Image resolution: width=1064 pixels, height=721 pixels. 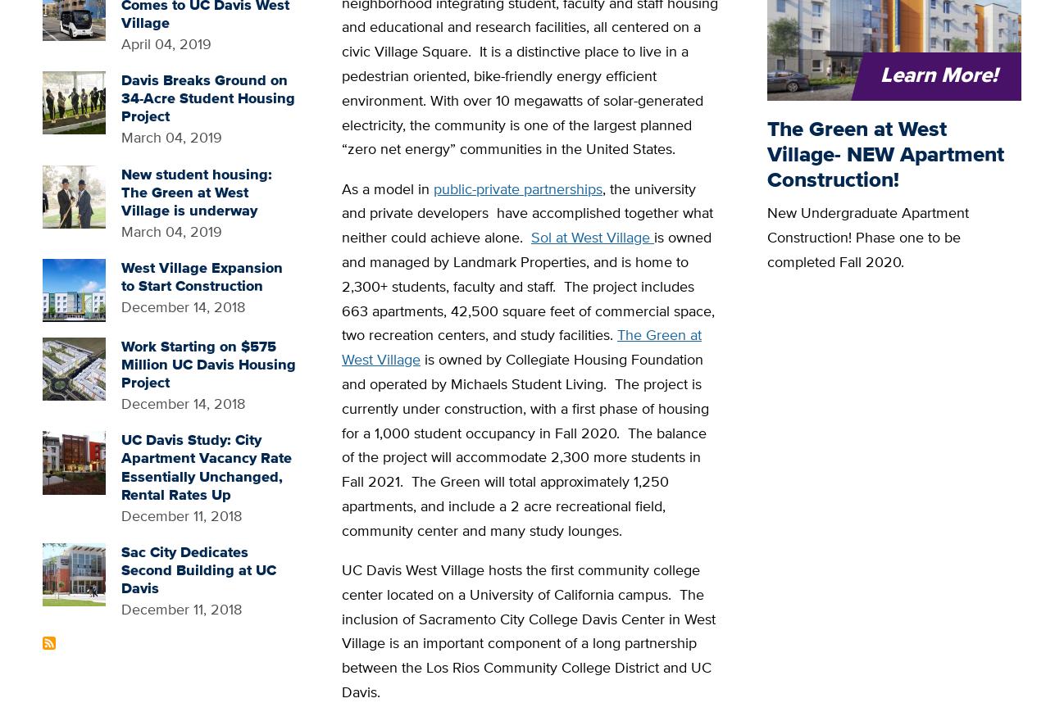 I want to click on 'Sac City Dedicates Second Building at UC Davis', so click(x=198, y=569).